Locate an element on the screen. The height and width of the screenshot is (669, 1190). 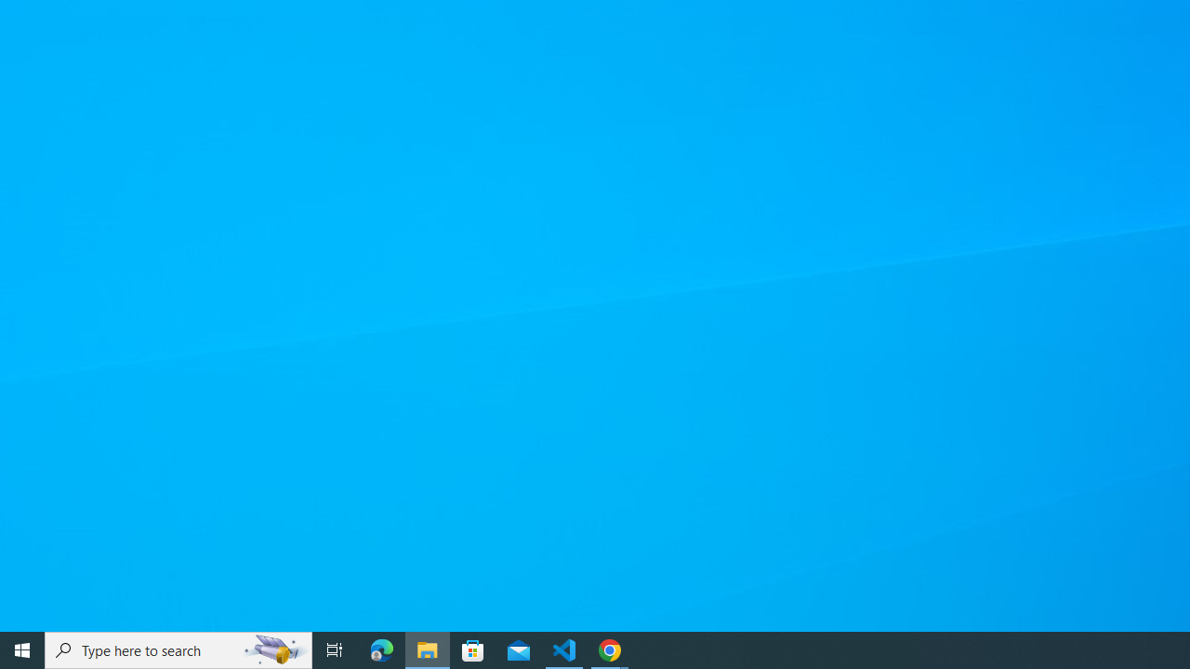
'Task View' is located at coordinates (334, 649).